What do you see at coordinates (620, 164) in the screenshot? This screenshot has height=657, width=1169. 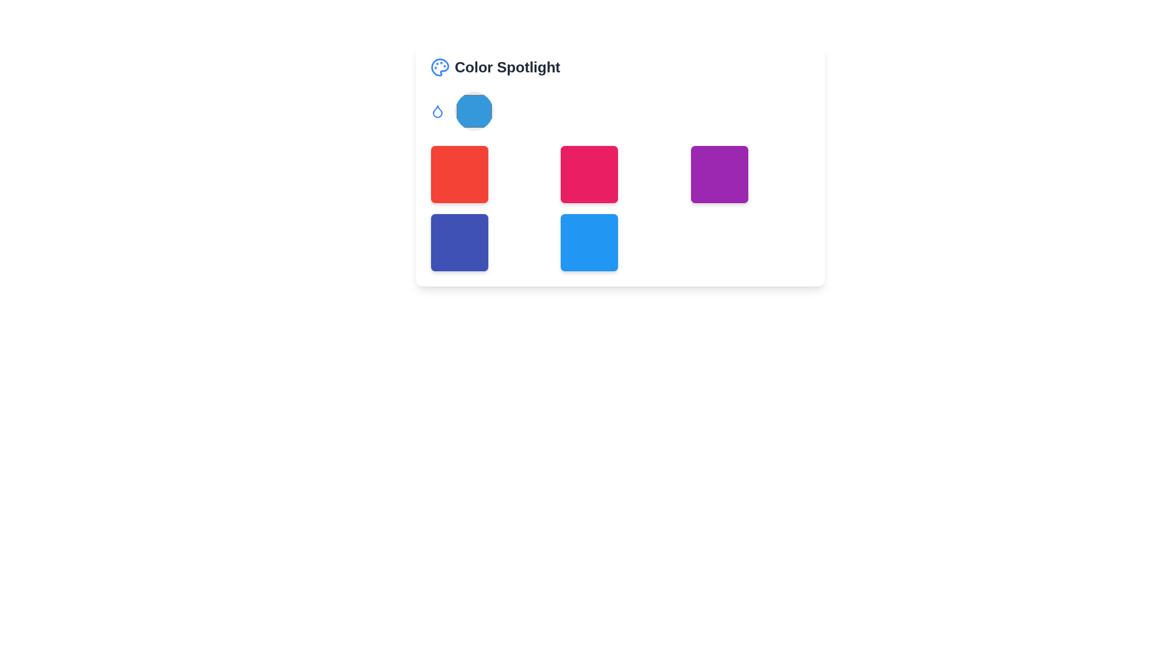 I see `the selectable grid item located in the second column of the first row, which serves as a color selection option` at bounding box center [620, 164].